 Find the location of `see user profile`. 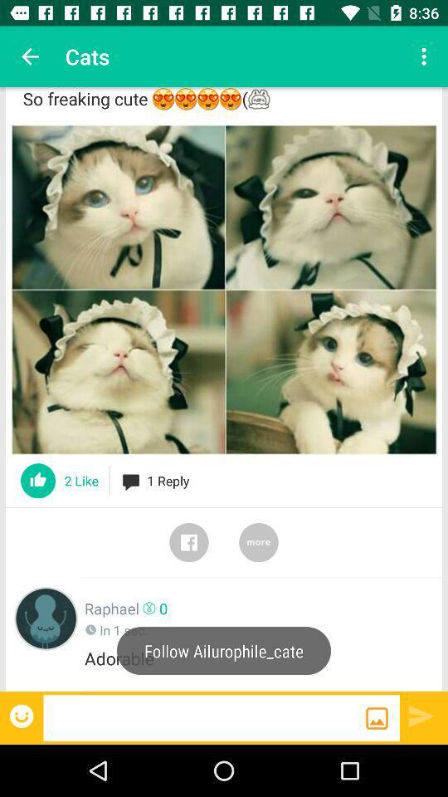

see user profile is located at coordinates (46, 618).